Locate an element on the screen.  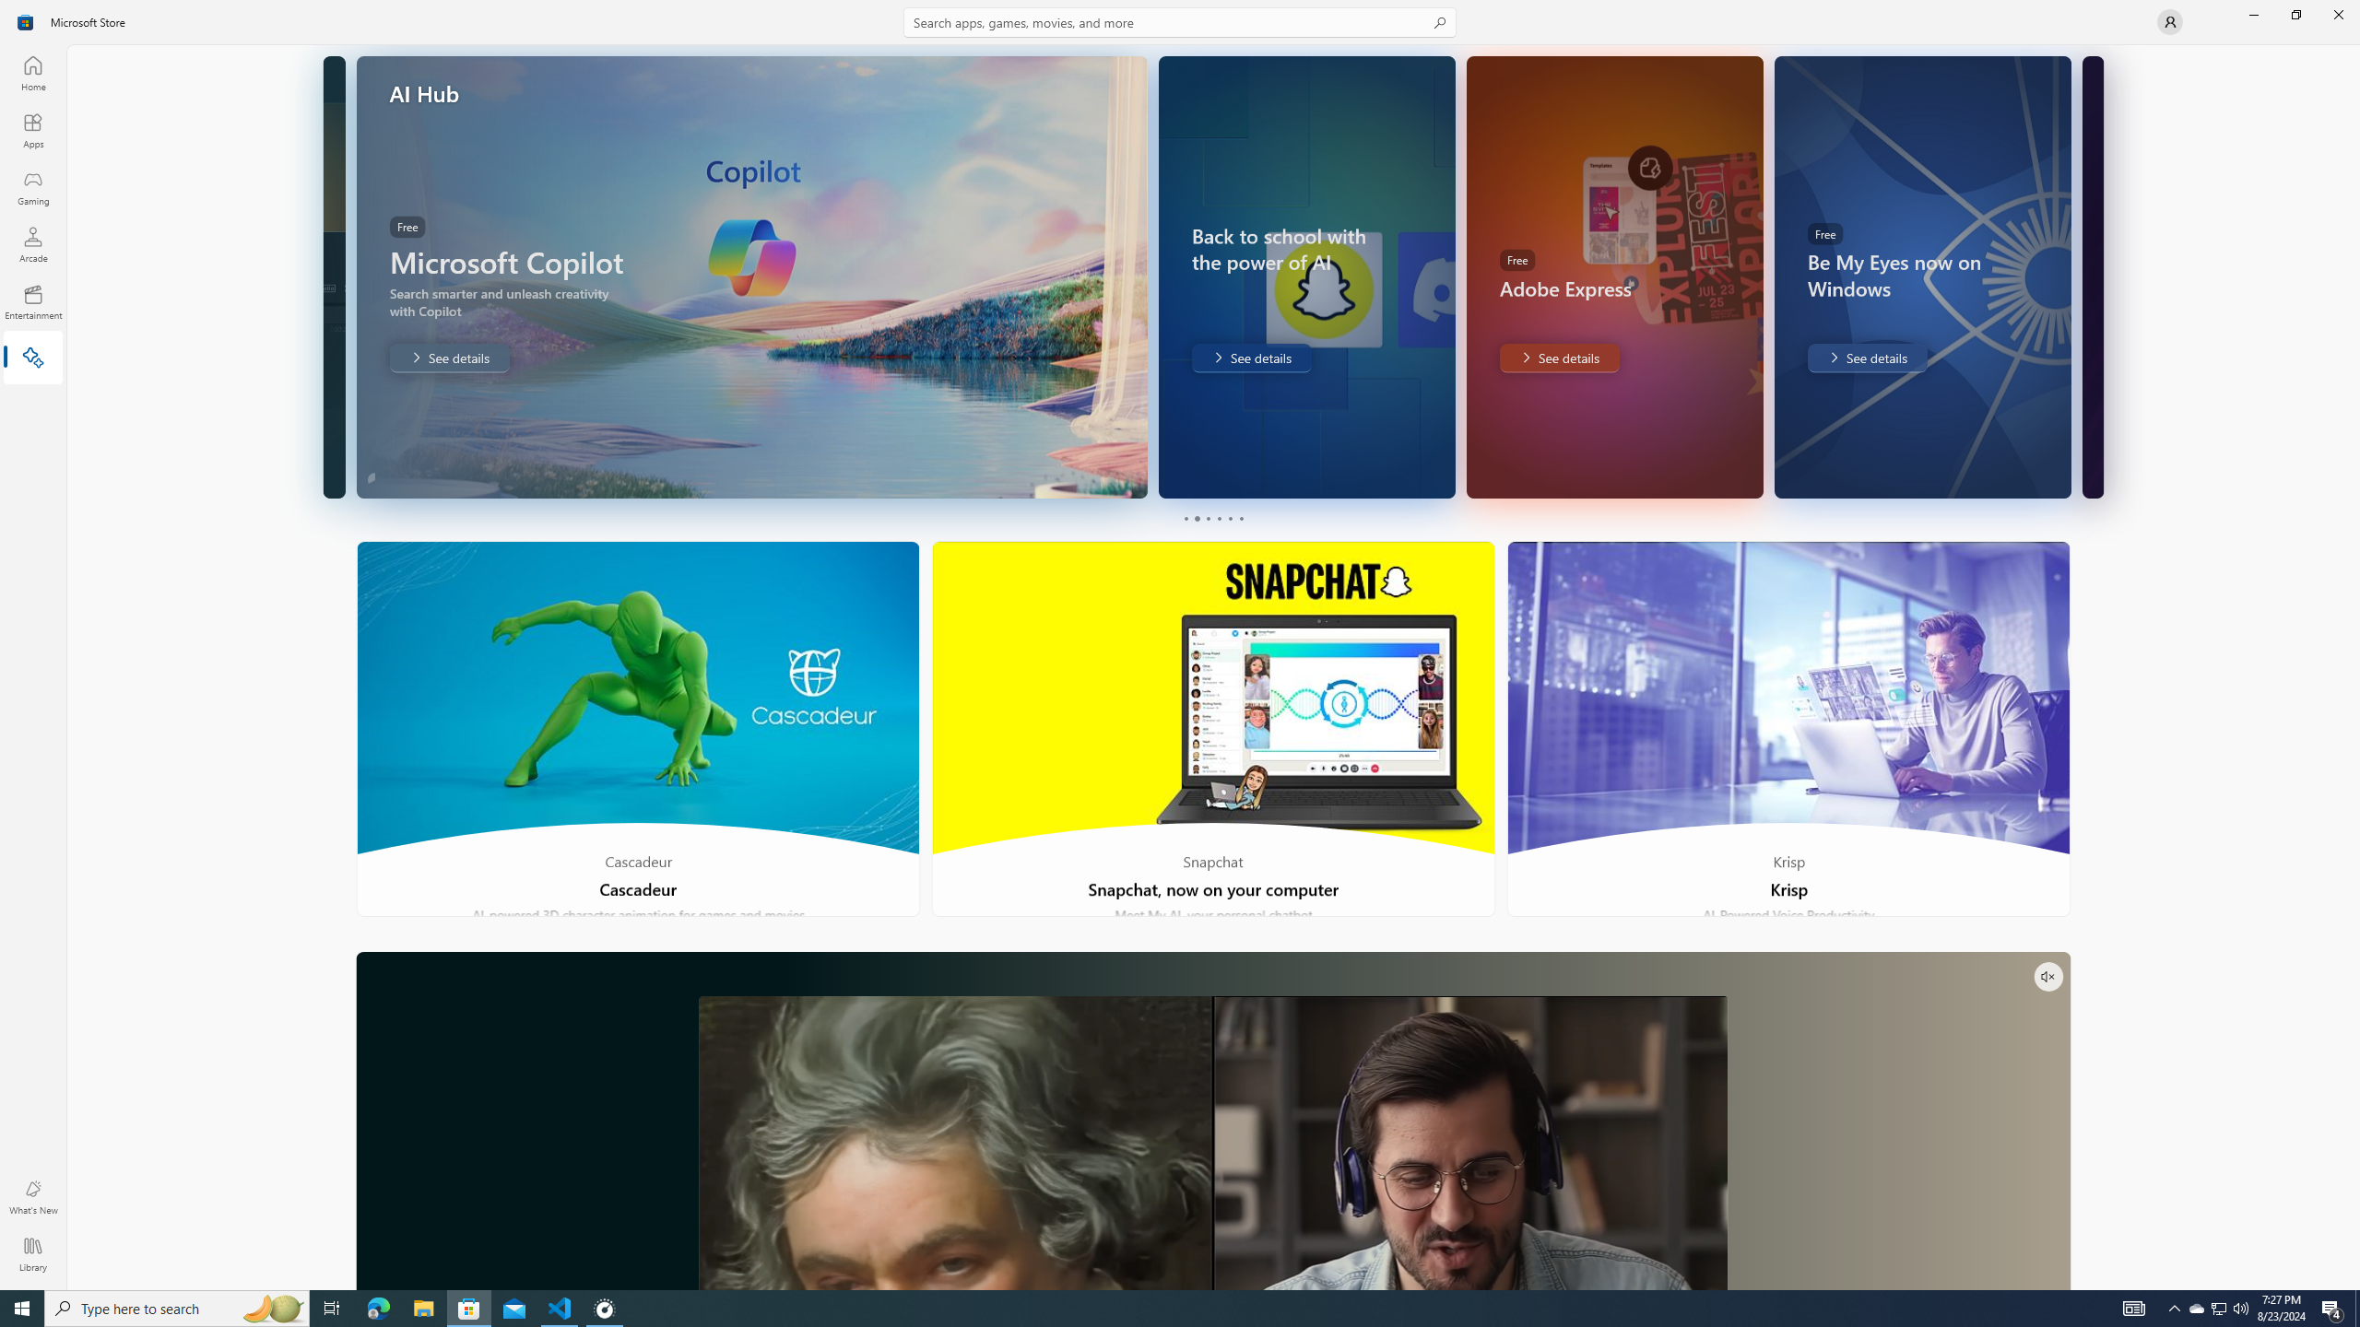
'Page 1' is located at coordinates (1185, 518).